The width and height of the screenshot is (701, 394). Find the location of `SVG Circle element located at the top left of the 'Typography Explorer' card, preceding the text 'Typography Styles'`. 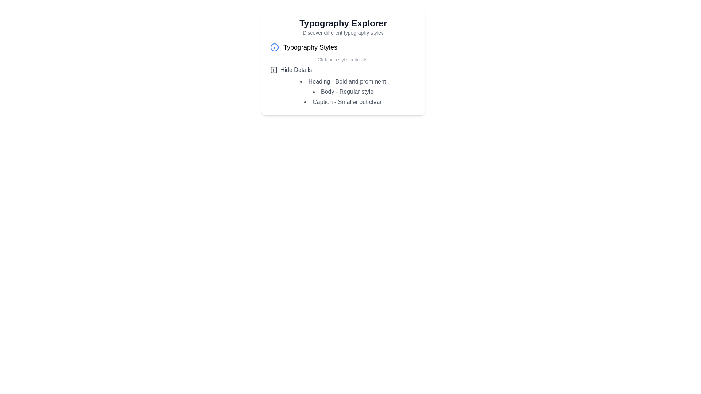

SVG Circle element located at the top left of the 'Typography Explorer' card, preceding the text 'Typography Styles' is located at coordinates (274, 47).